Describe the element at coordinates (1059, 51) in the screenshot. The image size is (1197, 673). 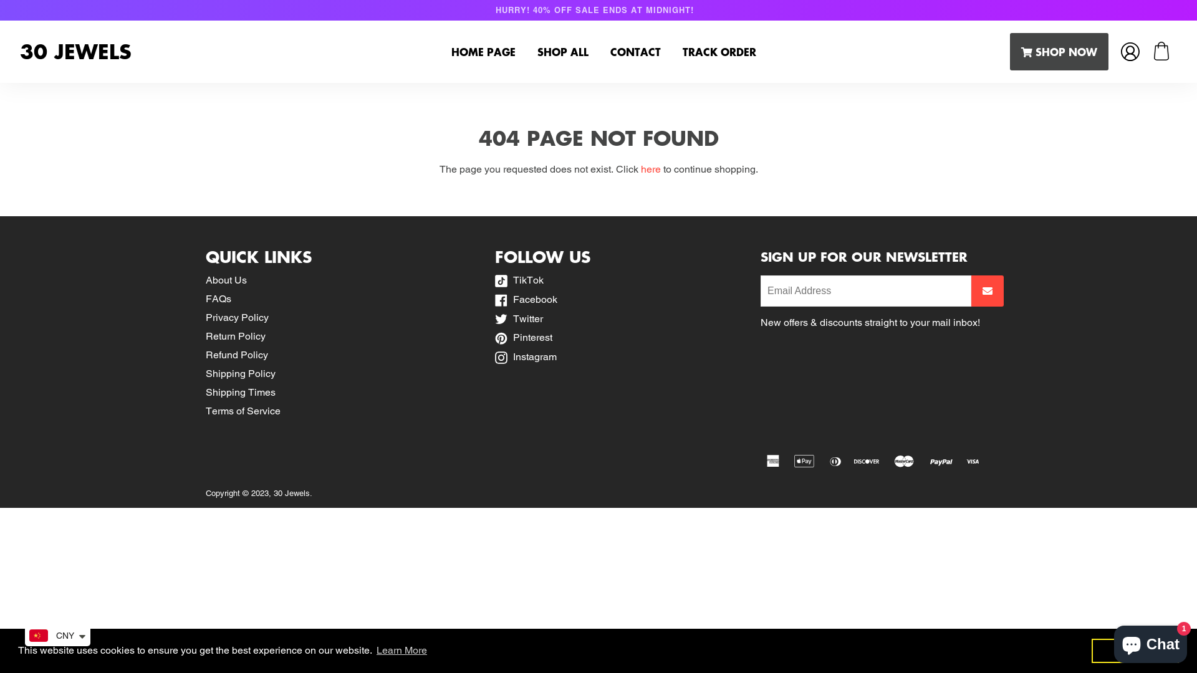
I see `'SHOP NOW'` at that location.